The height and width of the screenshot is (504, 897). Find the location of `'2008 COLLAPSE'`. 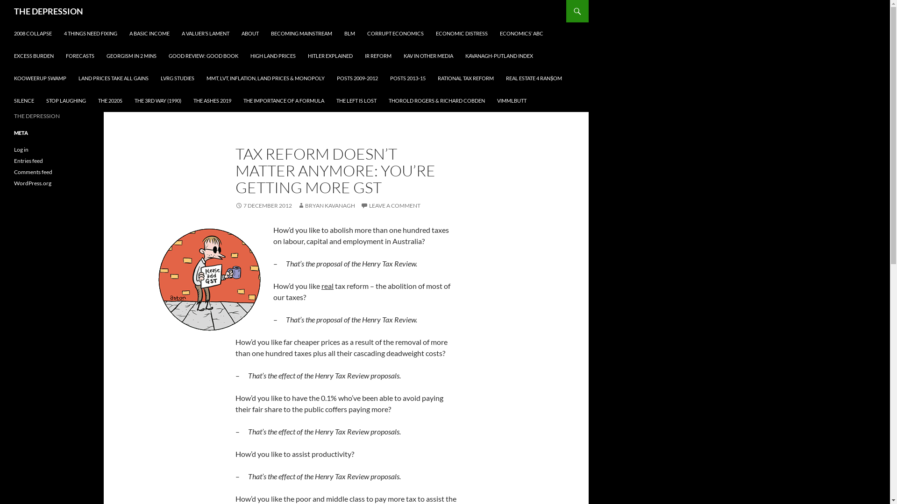

'2008 COLLAPSE' is located at coordinates (33, 33).